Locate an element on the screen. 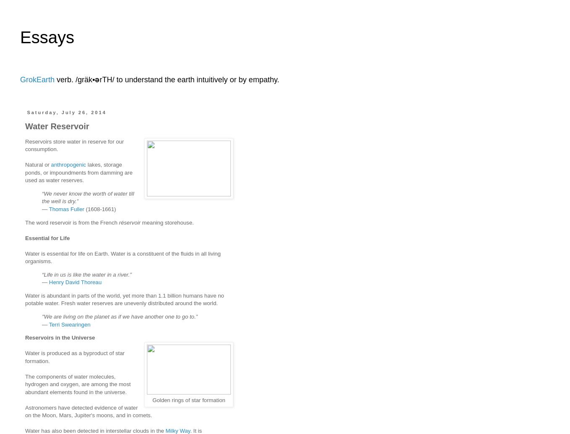 This screenshot has width=570, height=434. 'meaning storehouse.' is located at coordinates (166, 222).